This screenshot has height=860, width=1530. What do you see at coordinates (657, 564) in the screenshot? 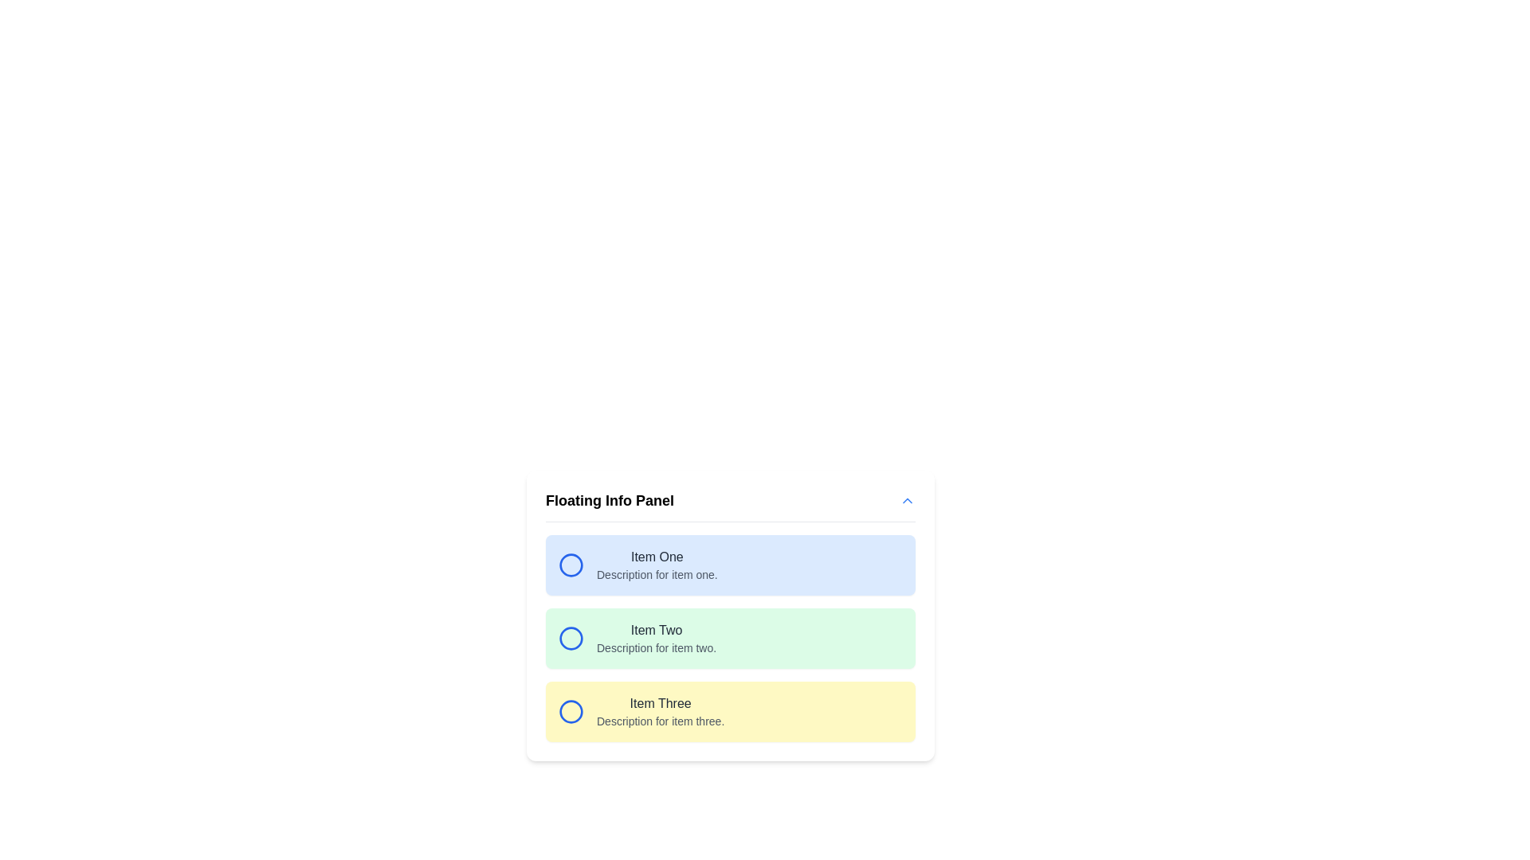
I see `information displayed in the text element containing 'Item One' and 'Description for item one.' within the light blue background of the first item in the 'Floating Info Panel.'` at bounding box center [657, 564].